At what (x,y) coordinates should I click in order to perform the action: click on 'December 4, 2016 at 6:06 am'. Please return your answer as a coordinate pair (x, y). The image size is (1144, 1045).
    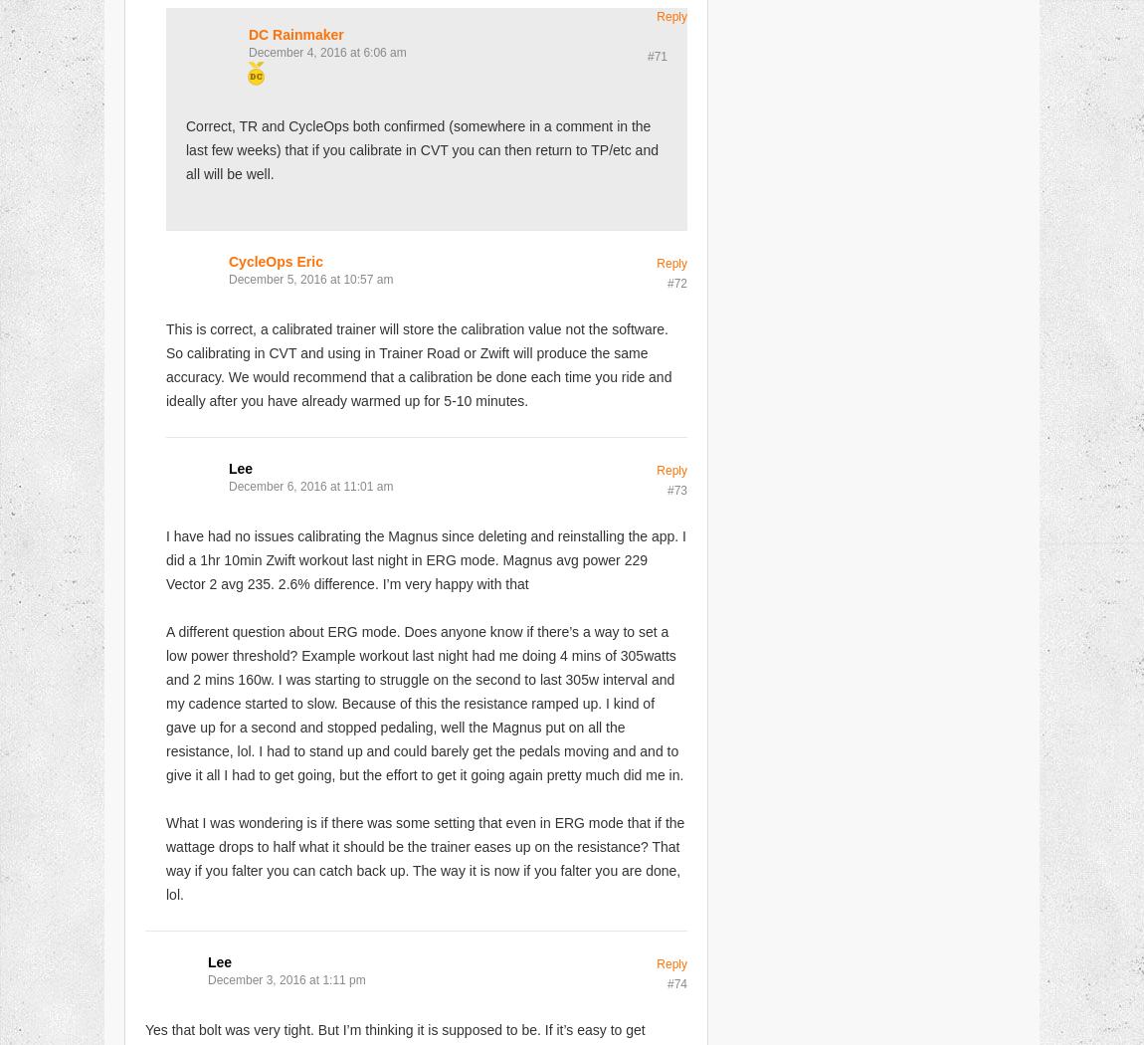
    Looking at the image, I should click on (327, 50).